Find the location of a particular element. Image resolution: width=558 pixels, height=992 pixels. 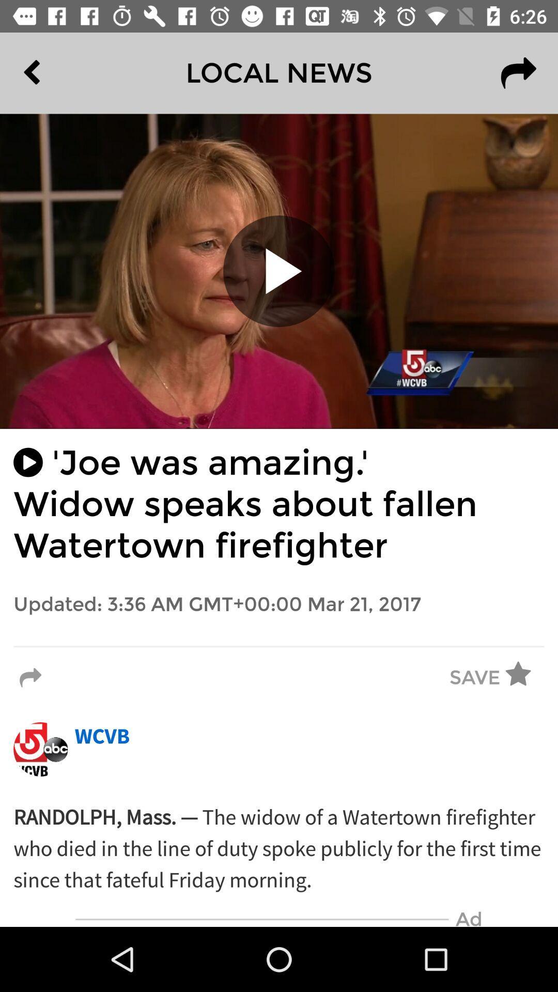

icon at the top right corner is located at coordinates (518, 72).